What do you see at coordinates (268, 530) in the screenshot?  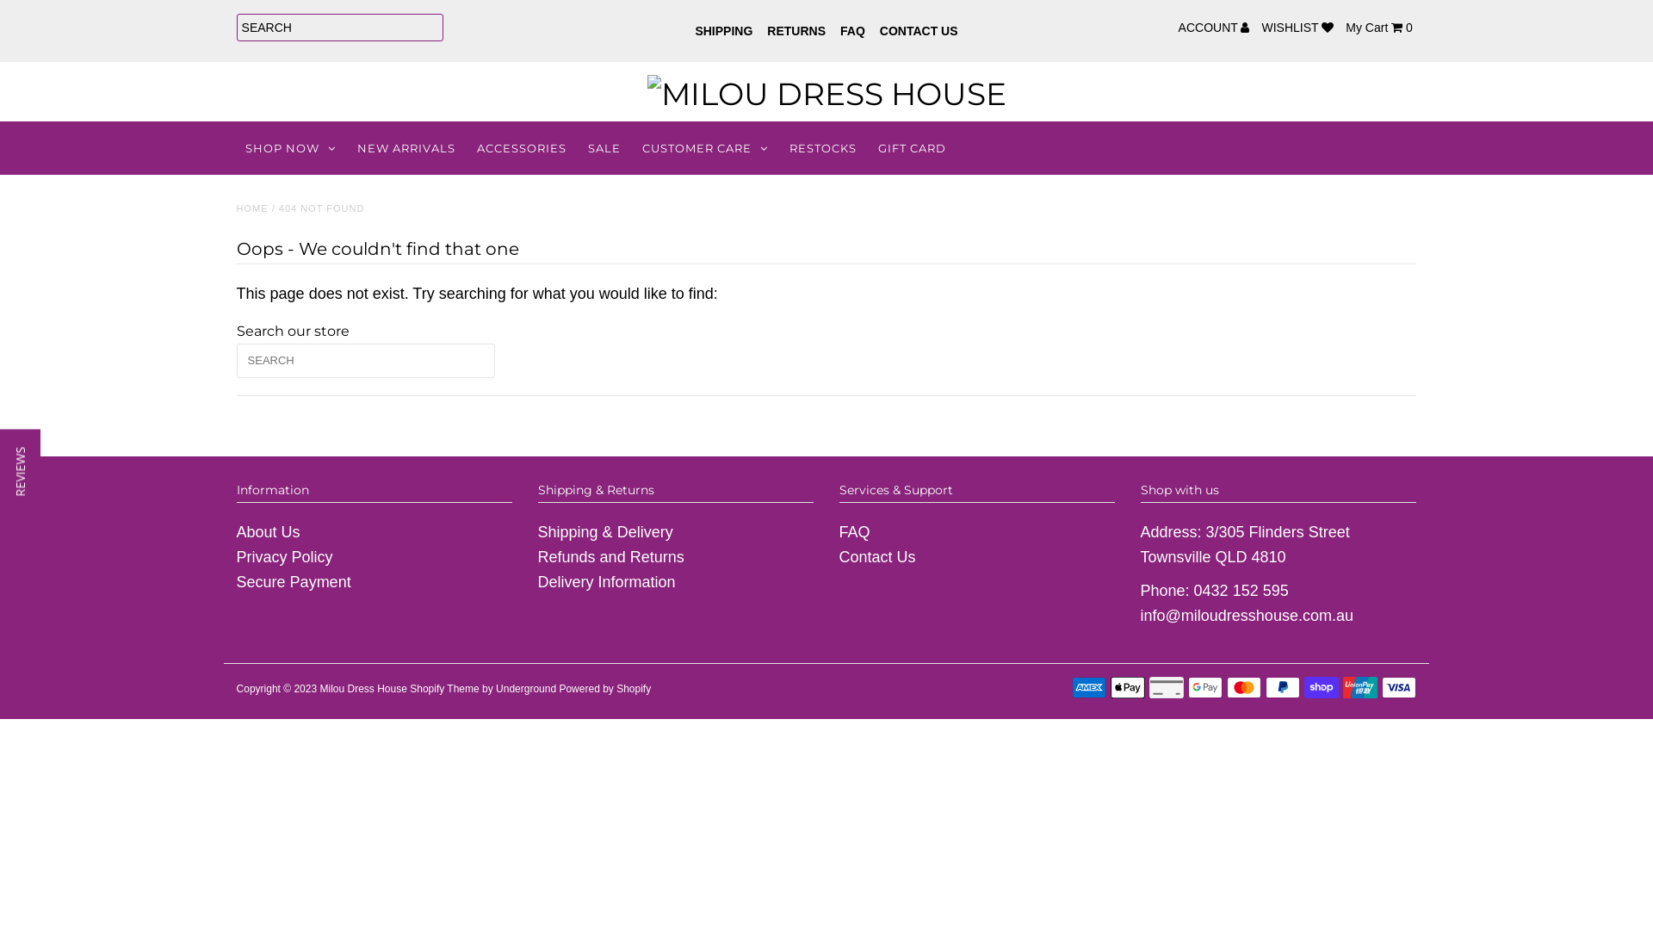 I see `'About Us'` at bounding box center [268, 530].